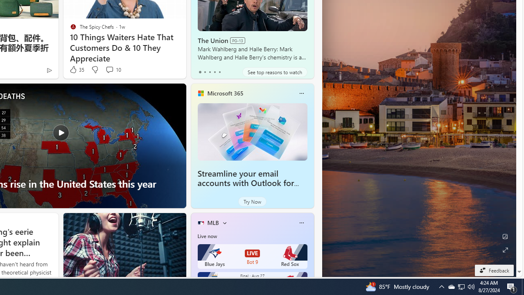 The image size is (524, 295). I want to click on 'See top reasons to watch', so click(275, 72).